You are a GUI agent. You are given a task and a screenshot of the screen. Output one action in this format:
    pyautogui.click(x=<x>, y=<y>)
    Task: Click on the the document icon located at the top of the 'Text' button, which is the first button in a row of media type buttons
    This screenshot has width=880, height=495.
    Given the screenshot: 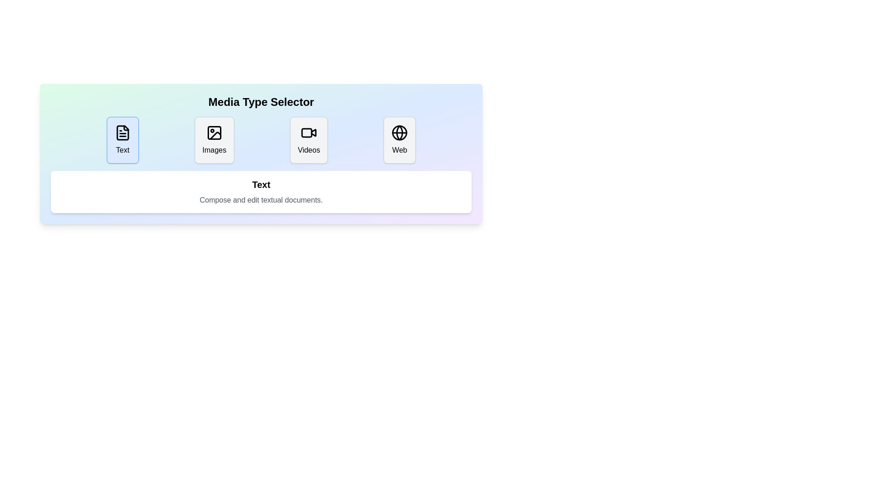 What is the action you would take?
    pyautogui.click(x=122, y=132)
    